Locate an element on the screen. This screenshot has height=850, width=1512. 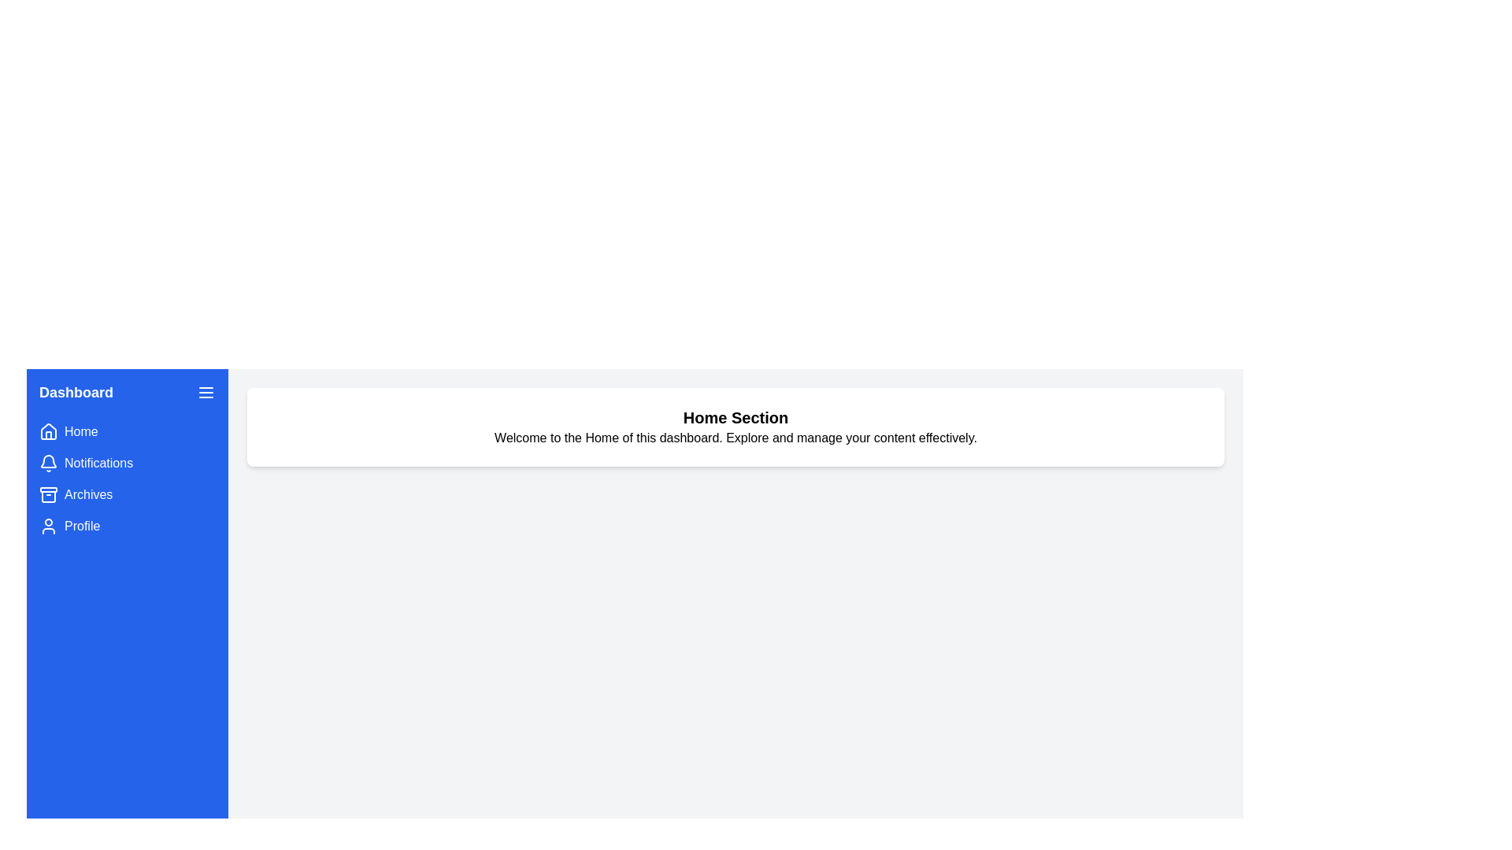
the small white archive box icon located in the vertical navigation bar, which is the third item under 'Notifications' and is associated with the 'Archives' menu item is located at coordinates (49, 493).